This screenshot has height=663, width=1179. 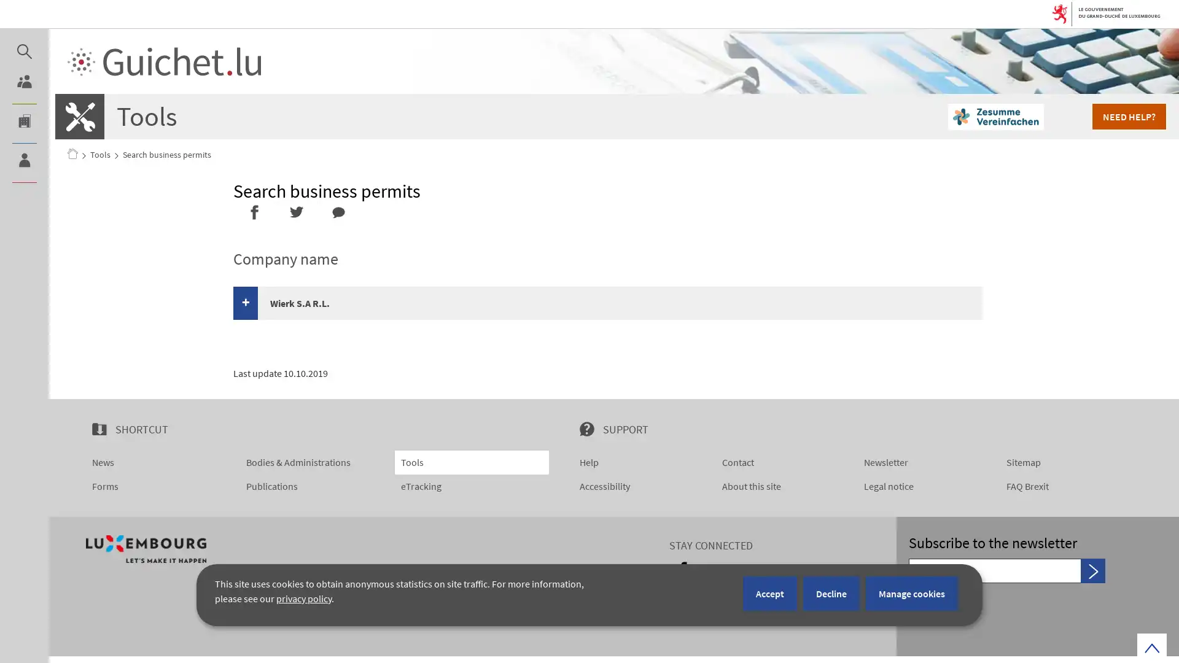 I want to click on Share it on Facebook - new window, so click(x=253, y=211).